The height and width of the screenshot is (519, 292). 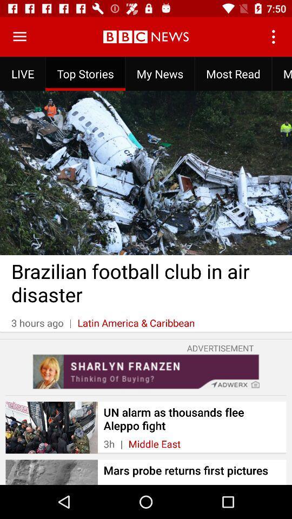 I want to click on advertisement, so click(x=146, y=371).